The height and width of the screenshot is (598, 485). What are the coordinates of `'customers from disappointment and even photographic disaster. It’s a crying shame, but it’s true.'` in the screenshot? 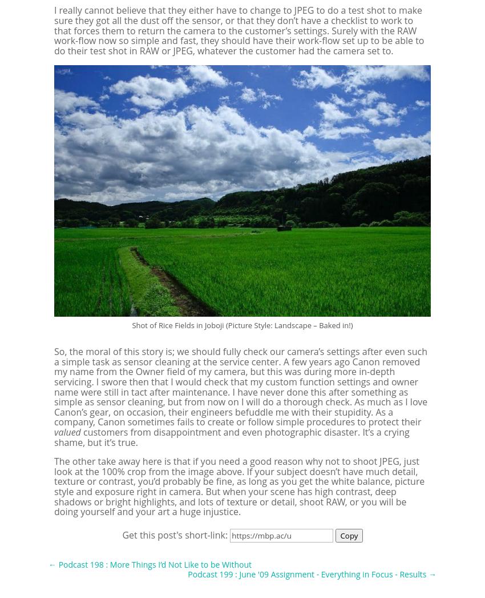 It's located at (231, 436).